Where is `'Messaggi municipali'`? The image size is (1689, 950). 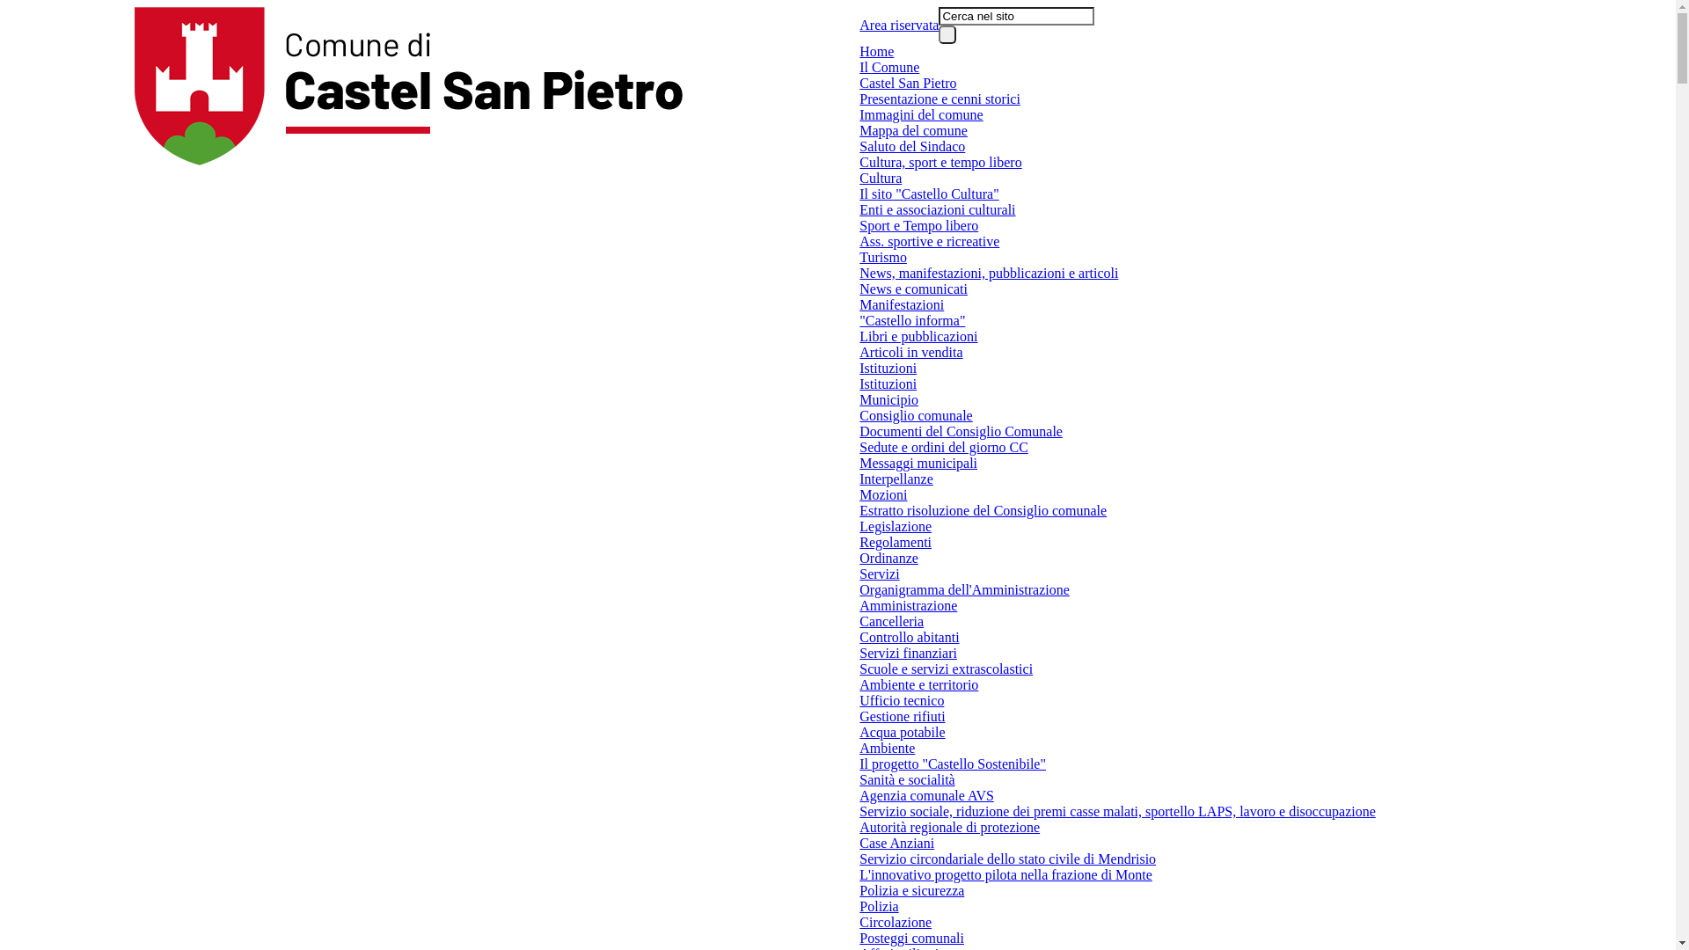
'Messaggi municipali' is located at coordinates (917, 463).